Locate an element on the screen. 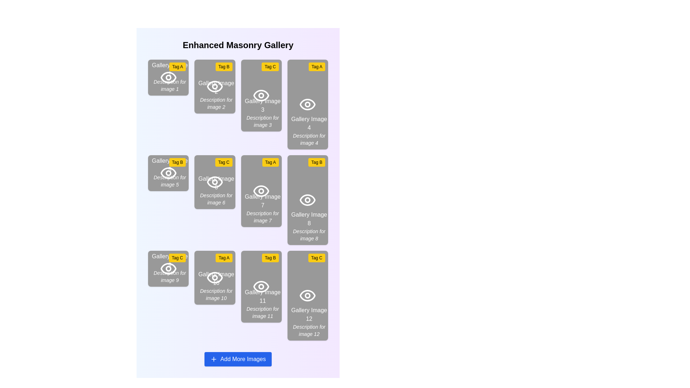 The width and height of the screenshot is (690, 388). text label displaying 'Gallery Image 2' located in the second image block of the gallery, above the description text and within the section marked by 'Tag B' is located at coordinates (216, 87).